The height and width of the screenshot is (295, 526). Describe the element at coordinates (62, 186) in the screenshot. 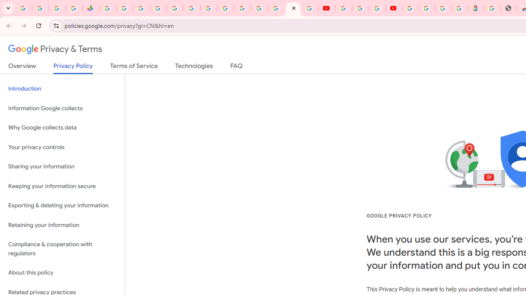

I see `'Keeping your information secure'` at that location.